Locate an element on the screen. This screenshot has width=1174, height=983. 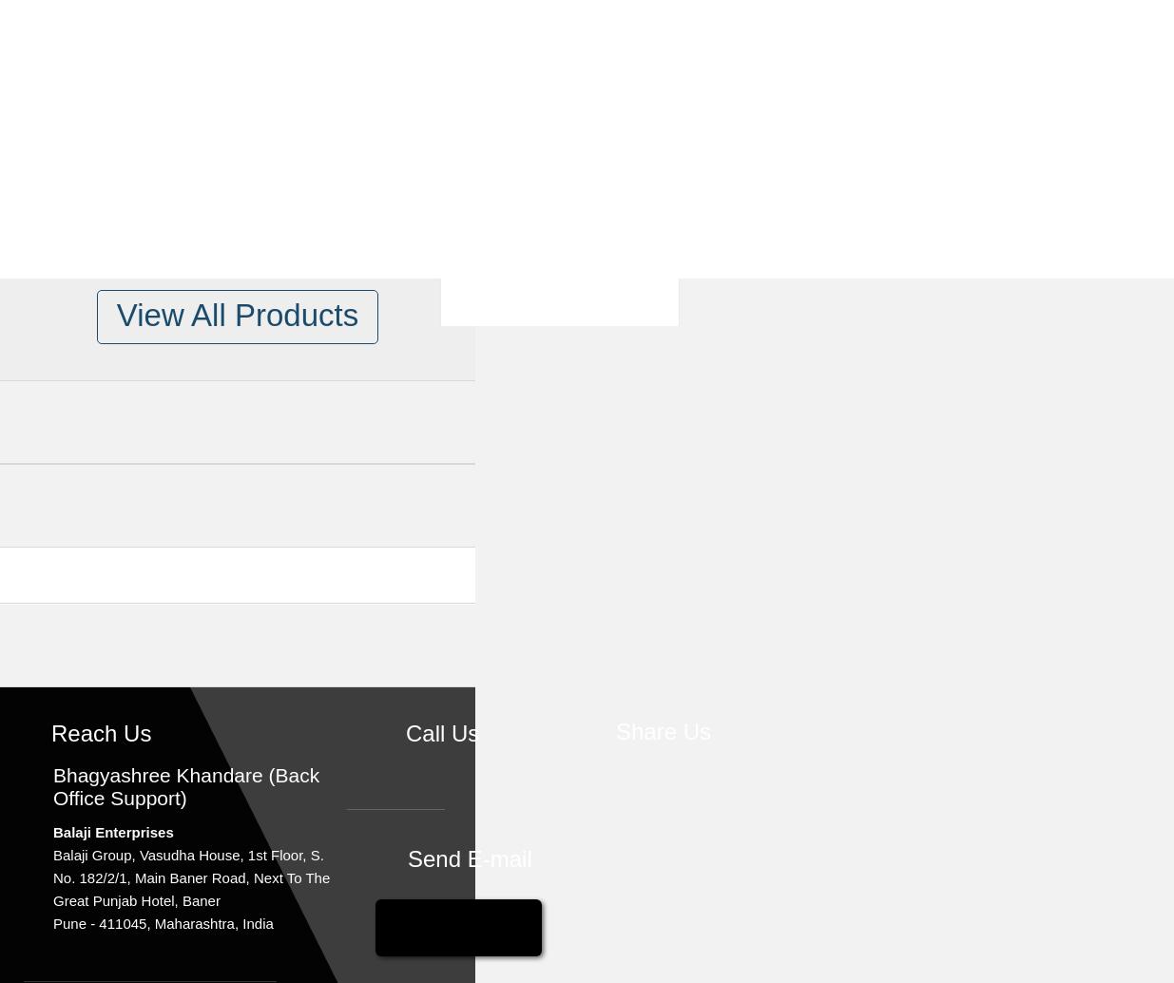
'Balaji Enterprises' is located at coordinates (112, 831).